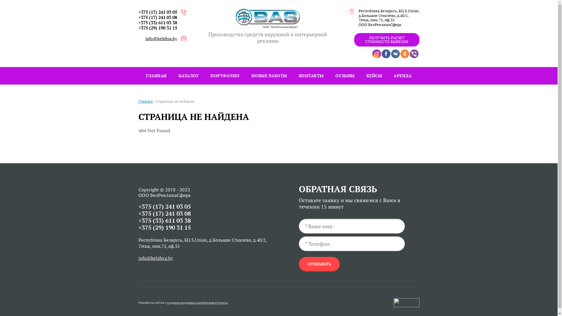  I want to click on 'info@belsfera.by', so click(145, 38).